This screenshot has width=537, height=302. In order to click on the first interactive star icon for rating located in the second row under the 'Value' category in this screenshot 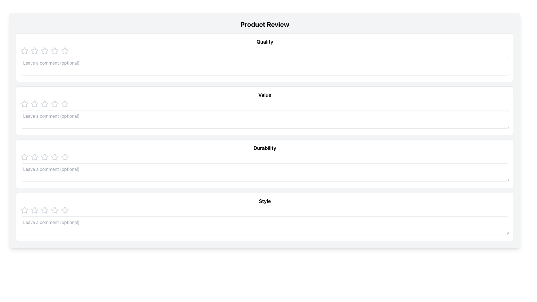, I will do `click(24, 104)`.